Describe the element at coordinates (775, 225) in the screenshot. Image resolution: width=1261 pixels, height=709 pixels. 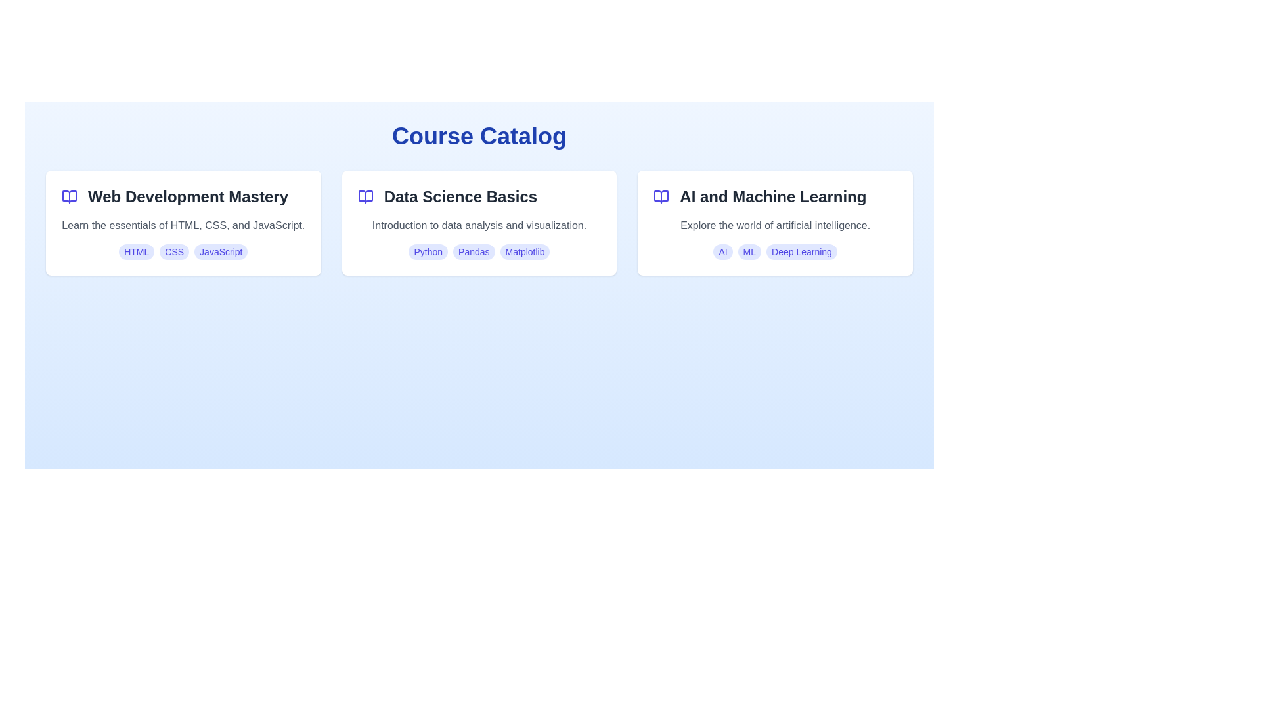
I see `the text block that says 'Explore the world of artificial intelligence.' which is styled in subtle gray color and located below the header 'AI and Machine Learning'` at that location.